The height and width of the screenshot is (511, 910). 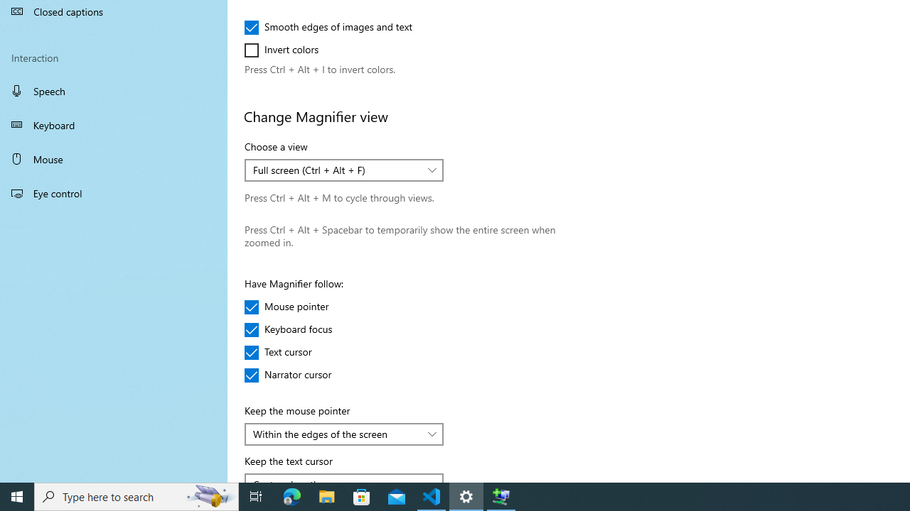 What do you see at coordinates (344, 170) in the screenshot?
I see `'Choose a view'` at bounding box center [344, 170].